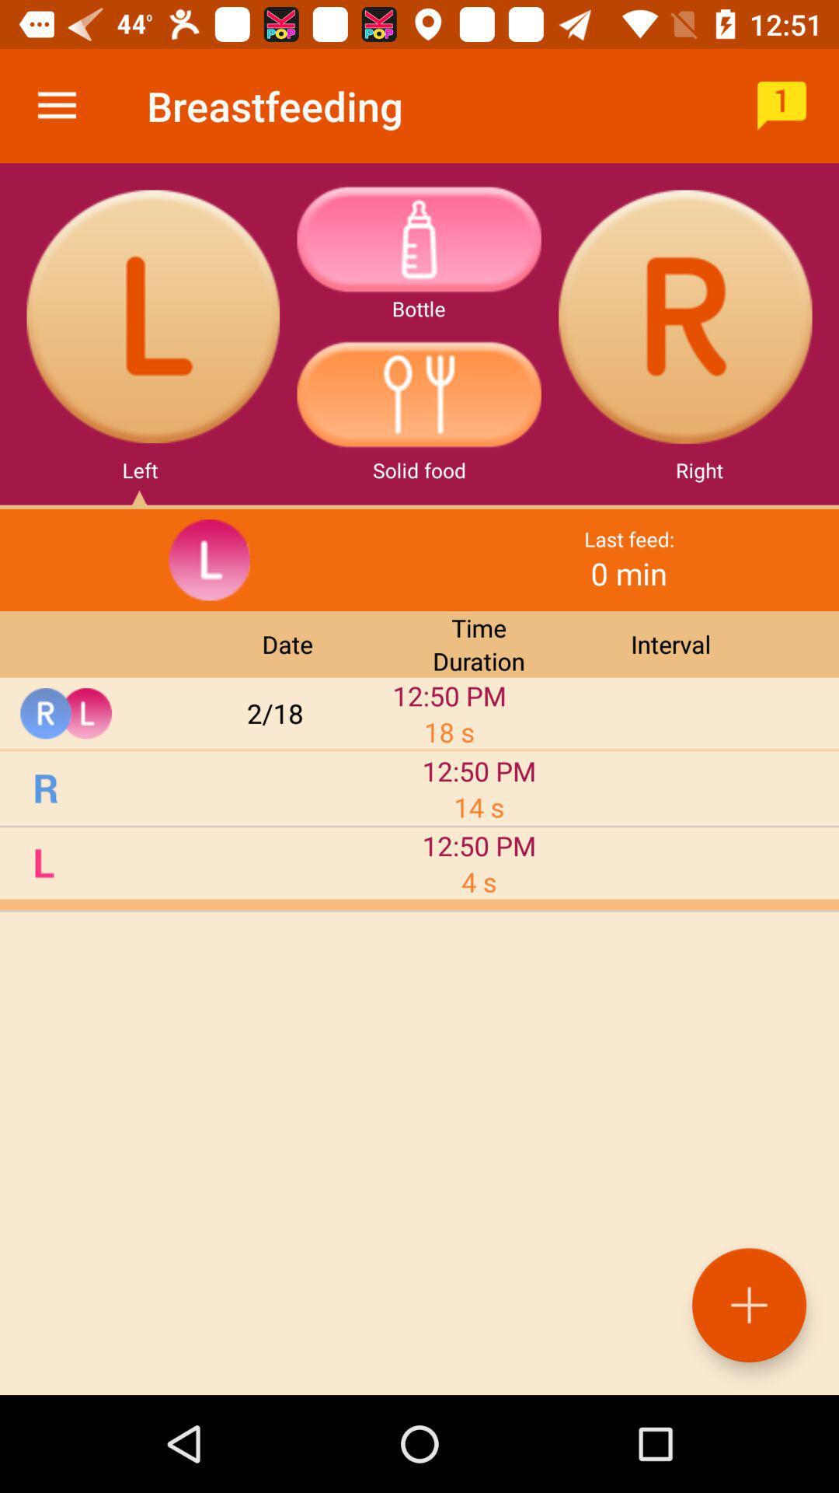 The width and height of the screenshot is (839, 1493). I want to click on the item at the bottom right corner, so click(748, 1305).